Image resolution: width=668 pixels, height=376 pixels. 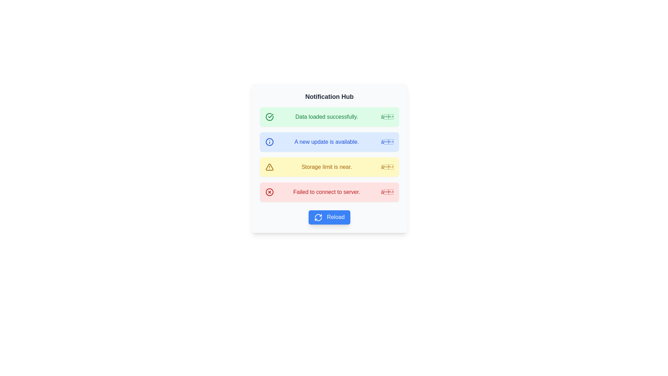 I want to click on the text label displaying 'Failed to connect to server.' which is styled in red color and aligned to the left within the bottom-most card of the notification list, so click(x=326, y=192).